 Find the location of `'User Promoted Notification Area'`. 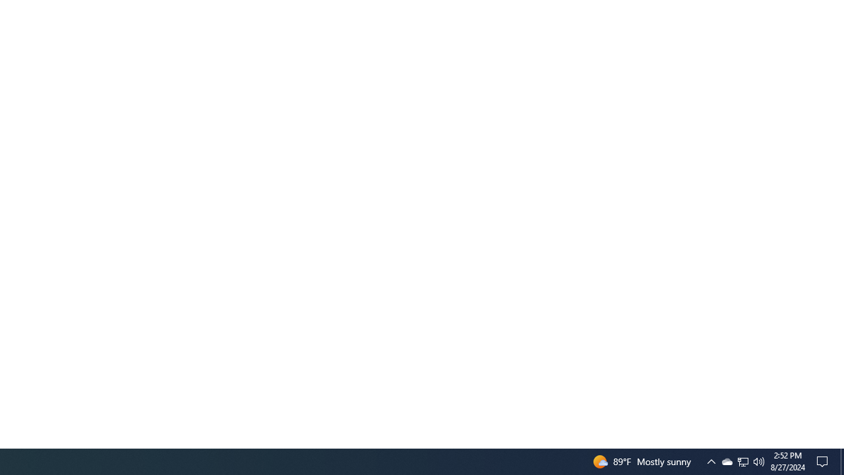

'User Promoted Notification Area' is located at coordinates (743, 460).